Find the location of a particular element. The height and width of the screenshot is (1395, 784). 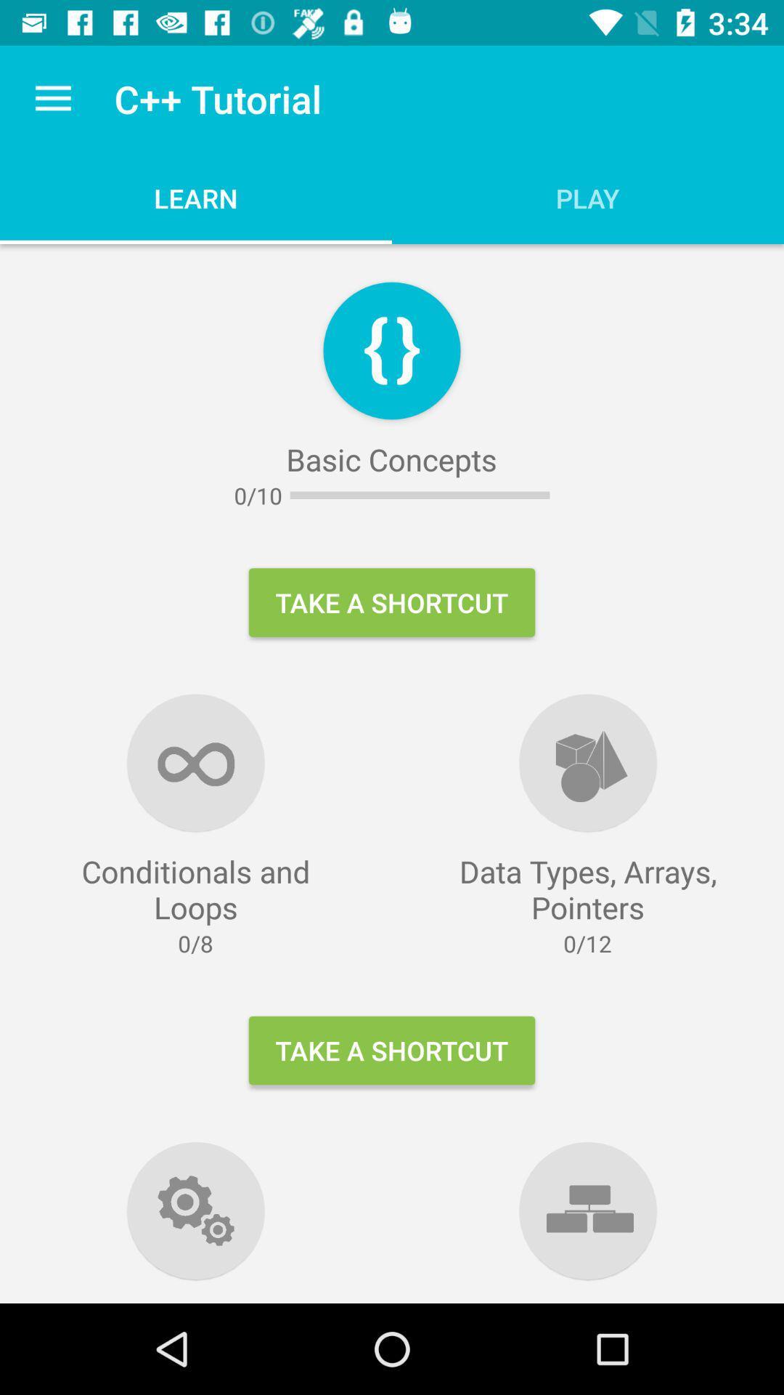

icon next to the c++ tutorial icon is located at coordinates (52, 98).